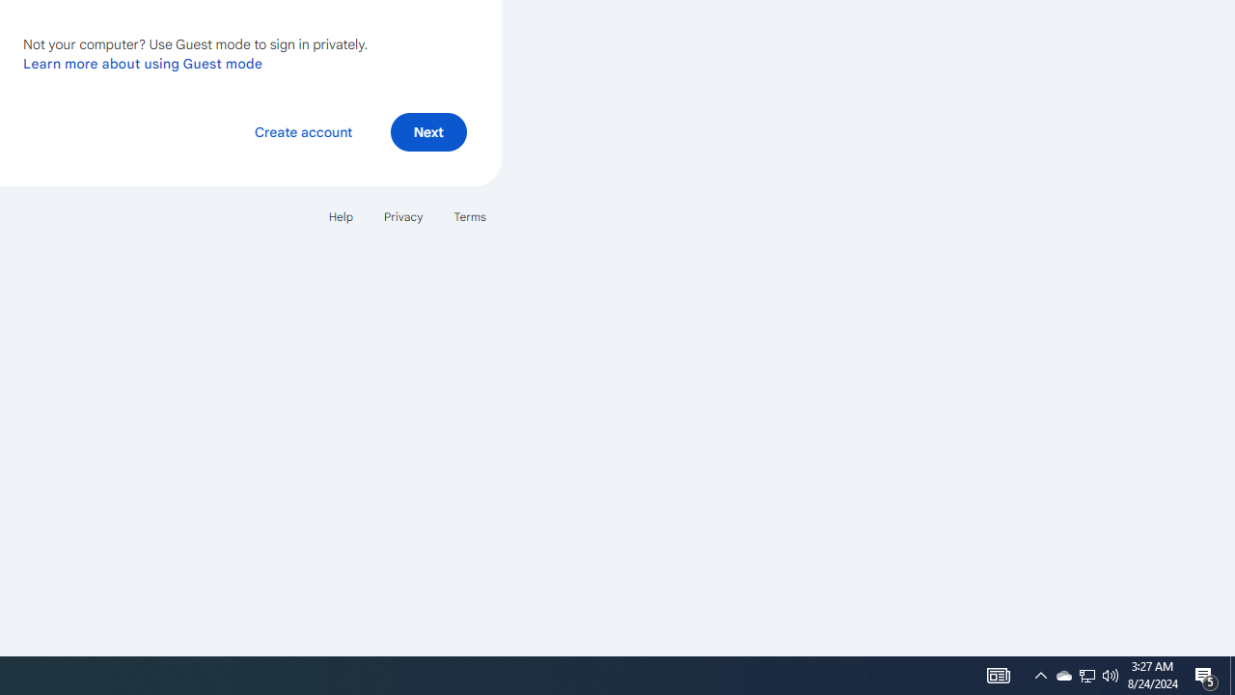 Image resolution: width=1235 pixels, height=695 pixels. I want to click on 'Learn more about using Guest mode', so click(142, 62).